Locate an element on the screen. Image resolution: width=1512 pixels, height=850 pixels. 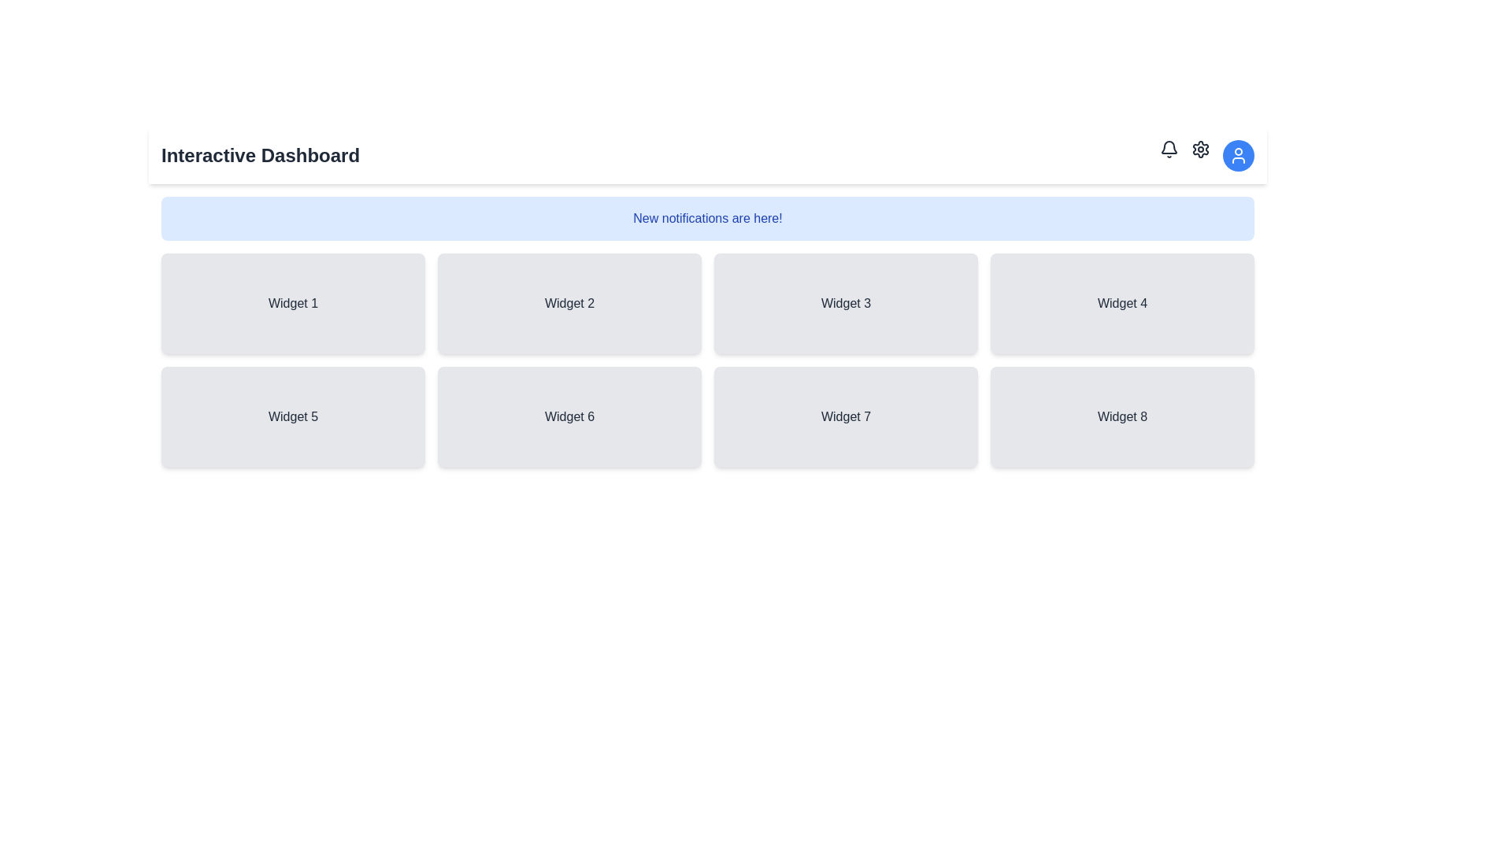
the user profile SVG icon, which is styled with a white fill and blue background, located at the top-right corner of the application header is located at coordinates (1238, 155).